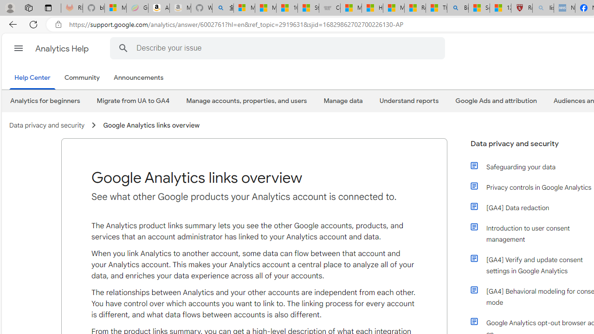  Describe the element at coordinates (138, 77) in the screenshot. I see `'Announcements'` at that location.